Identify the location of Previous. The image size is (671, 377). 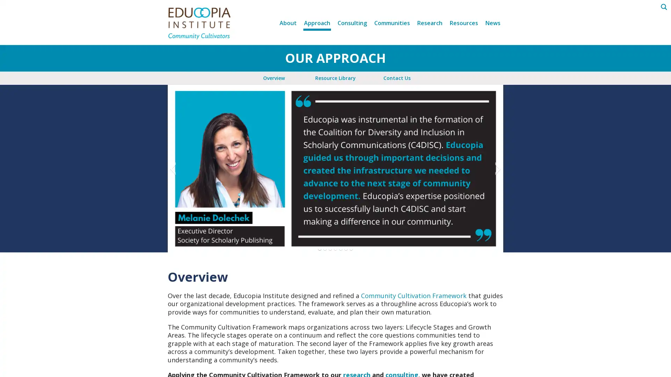
(173, 168).